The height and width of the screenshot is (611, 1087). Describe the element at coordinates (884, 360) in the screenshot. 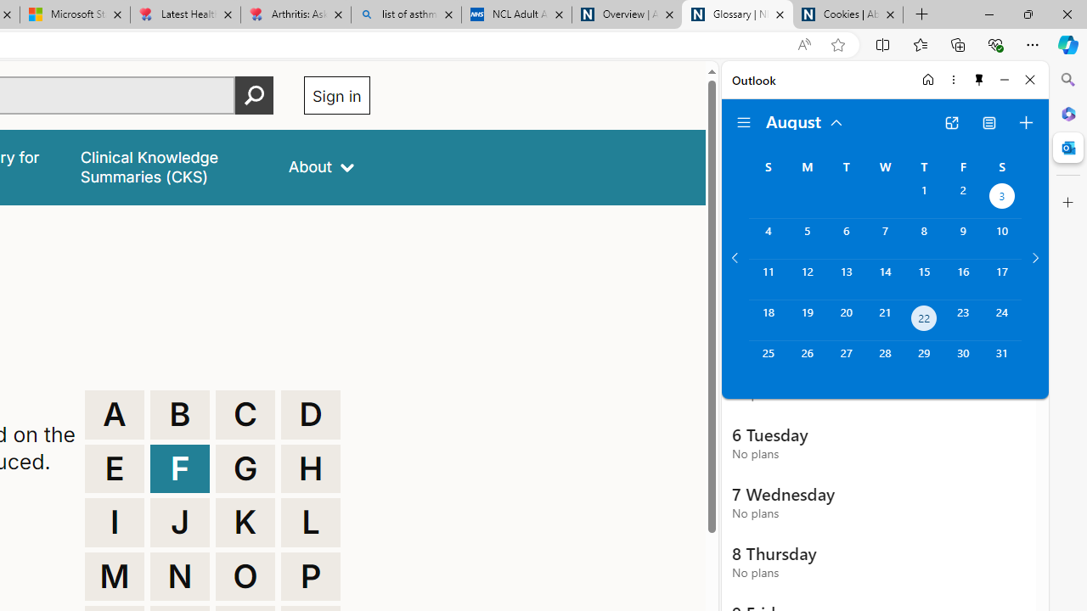

I see `'Wednesday, August 28, 2024. '` at that location.